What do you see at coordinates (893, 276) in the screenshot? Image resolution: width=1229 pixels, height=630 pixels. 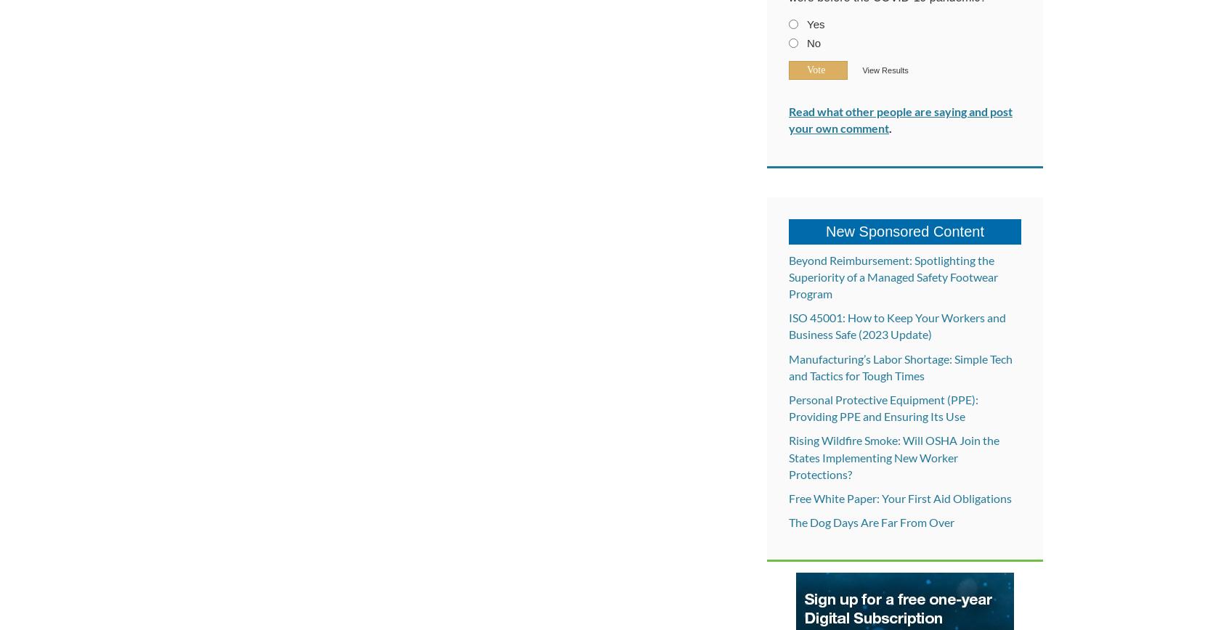 I see `'Beyond Reimbursement: Spotlighting the Superiority of a Managed Safety Footwear Program'` at bounding box center [893, 276].